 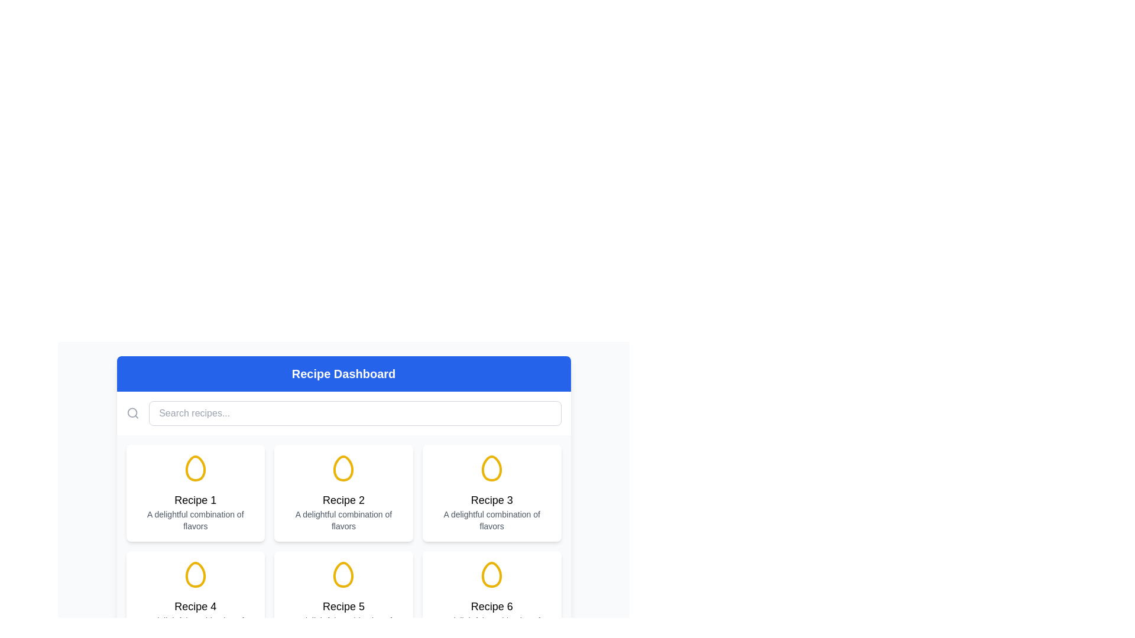 What do you see at coordinates (492, 468) in the screenshot?
I see `the stylized egg-shaped icon with a slight yellow tint located within the 'Recipe 3' card, which is the middle card in the top row of the grid layout` at bounding box center [492, 468].